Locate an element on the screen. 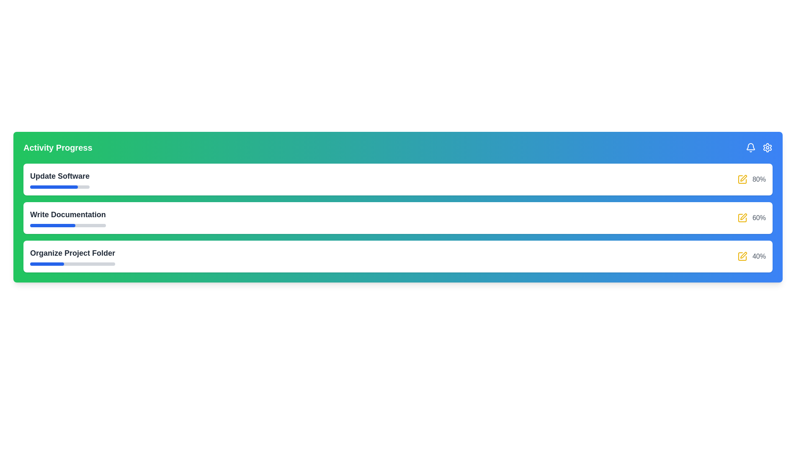 The height and width of the screenshot is (452, 804). progress value of the task titled 'Organize Project Folder' which is located in the third row of tasks, below 'Write Documentation' is located at coordinates (72, 256).